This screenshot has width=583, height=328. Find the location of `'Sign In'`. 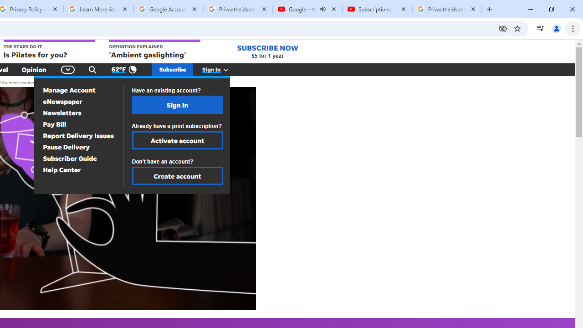

'Sign In' is located at coordinates (177, 104).